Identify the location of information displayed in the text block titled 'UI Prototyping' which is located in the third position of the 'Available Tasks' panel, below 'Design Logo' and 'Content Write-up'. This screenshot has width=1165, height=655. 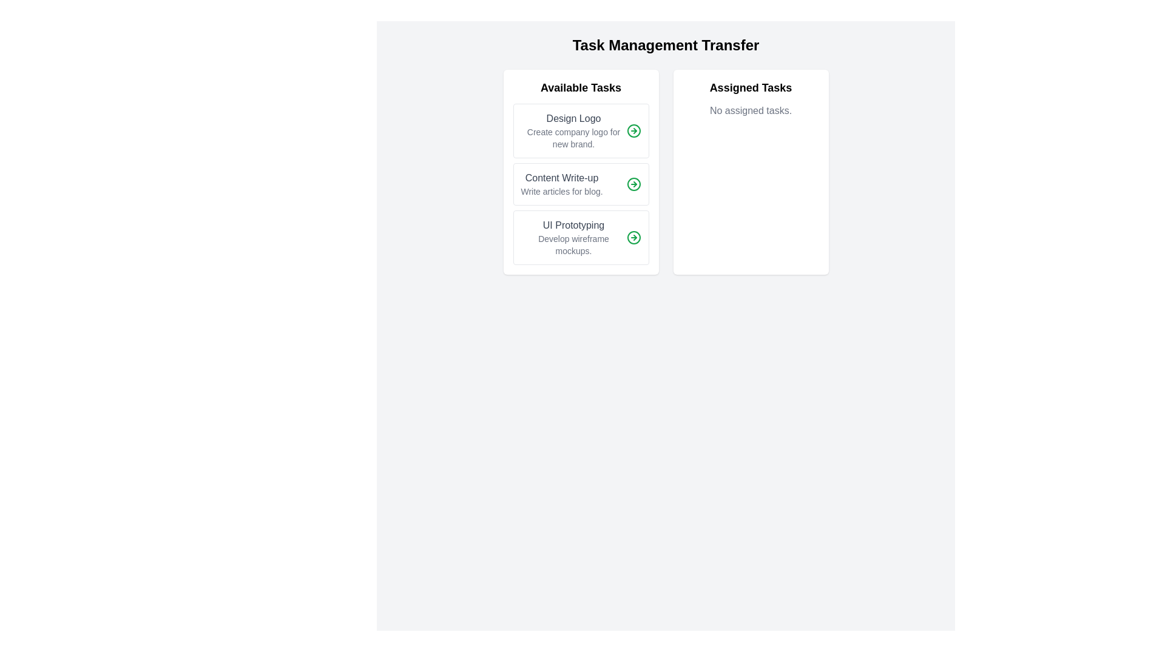
(573, 238).